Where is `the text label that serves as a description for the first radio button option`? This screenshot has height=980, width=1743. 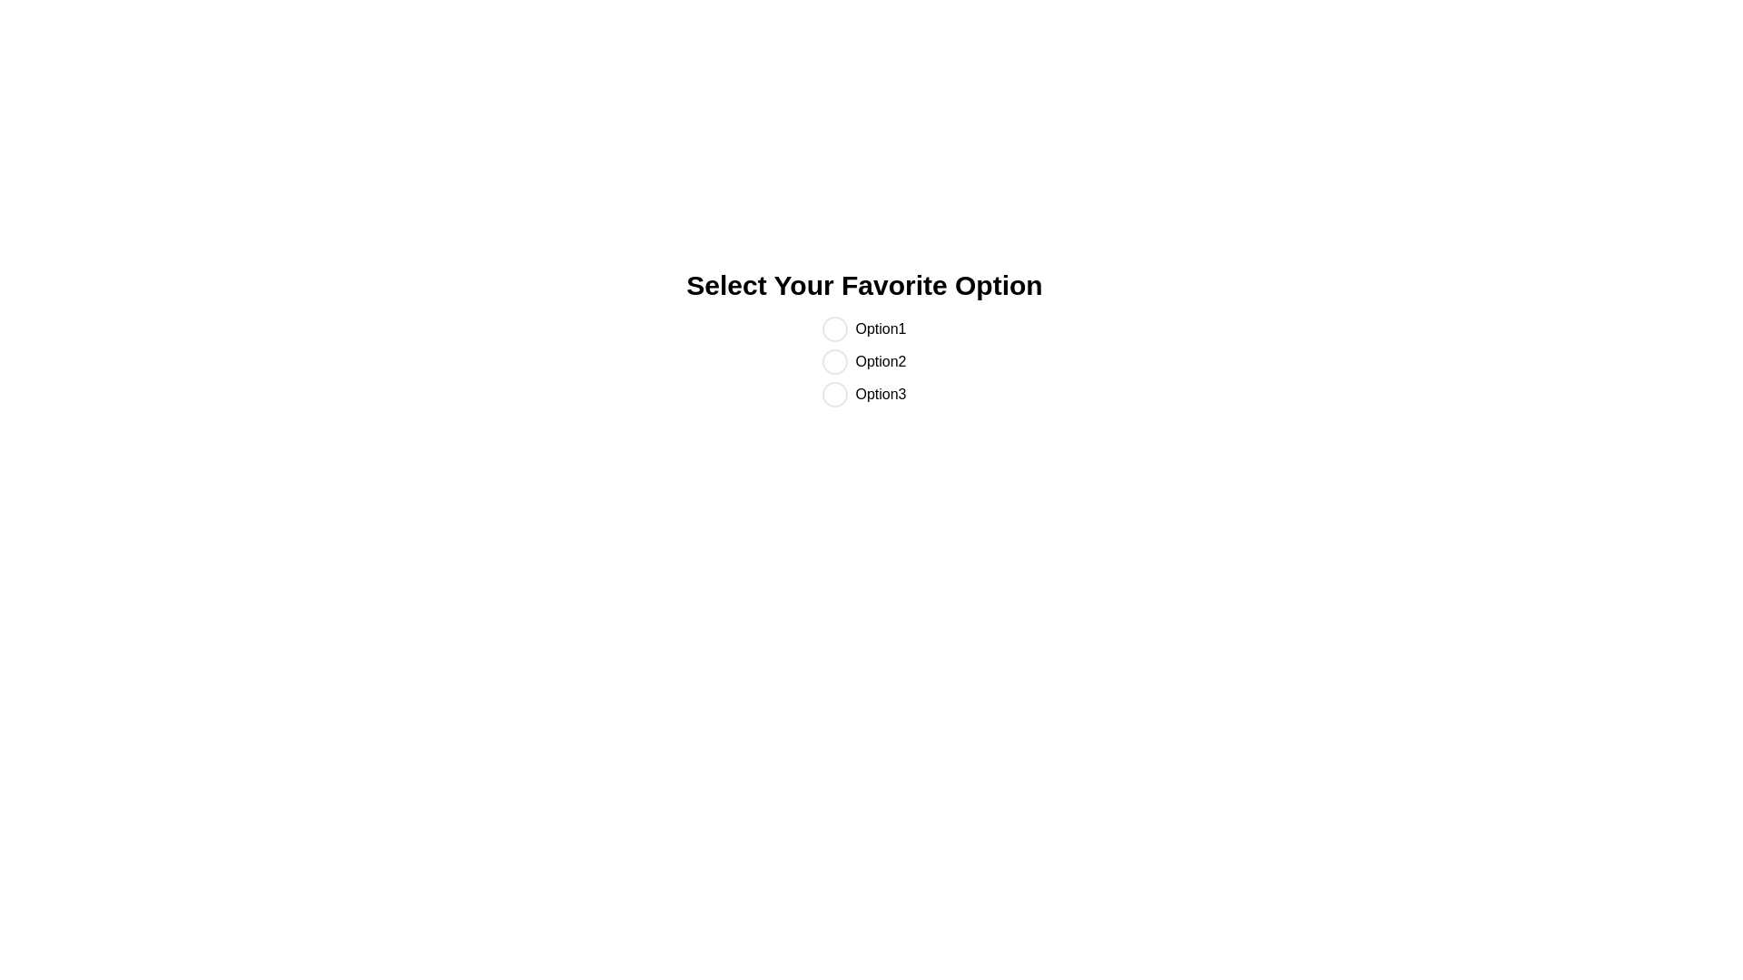
the text label that serves as a description for the first radio button option is located at coordinates (881, 328).